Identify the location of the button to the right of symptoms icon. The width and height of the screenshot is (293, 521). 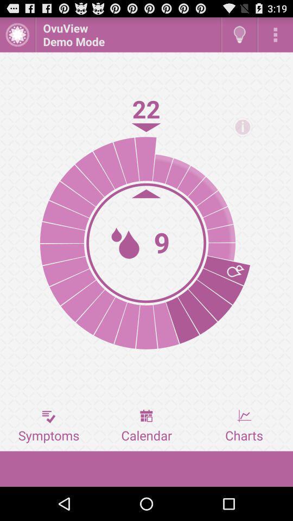
(146, 426).